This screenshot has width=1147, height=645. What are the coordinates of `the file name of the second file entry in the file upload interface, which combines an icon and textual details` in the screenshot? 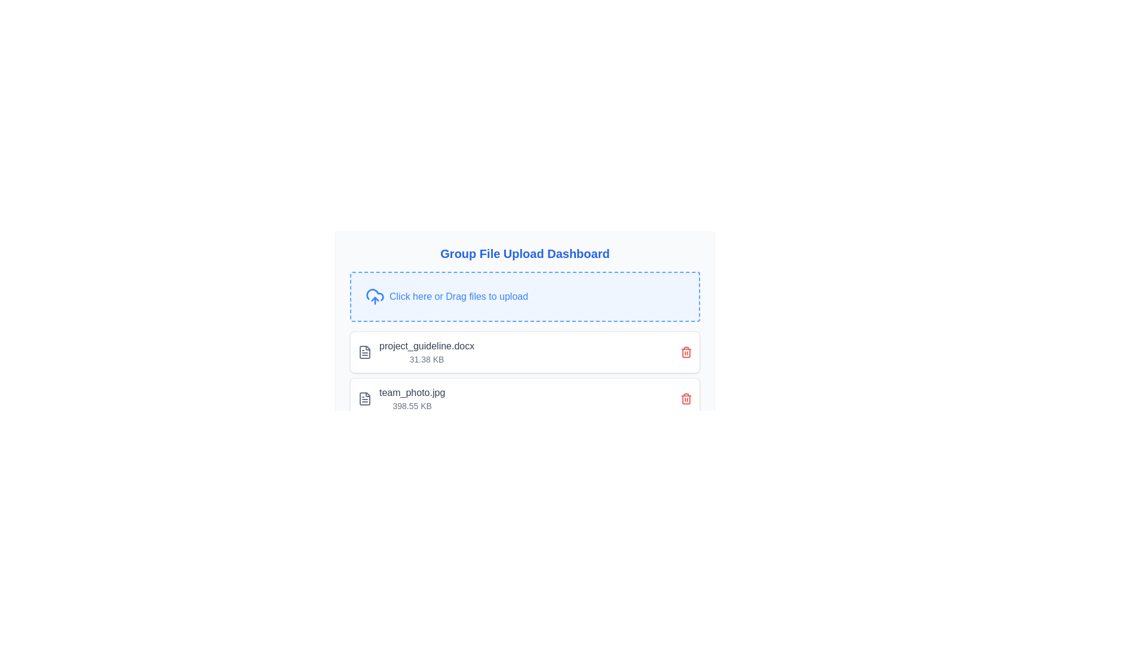 It's located at (401, 398).